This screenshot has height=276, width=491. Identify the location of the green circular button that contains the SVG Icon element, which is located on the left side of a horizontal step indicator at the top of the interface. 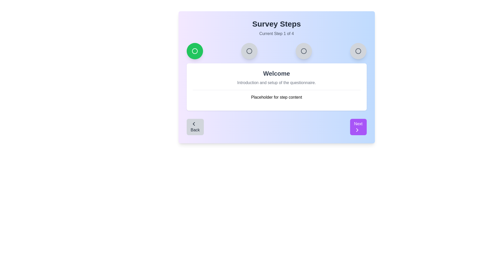
(194, 51).